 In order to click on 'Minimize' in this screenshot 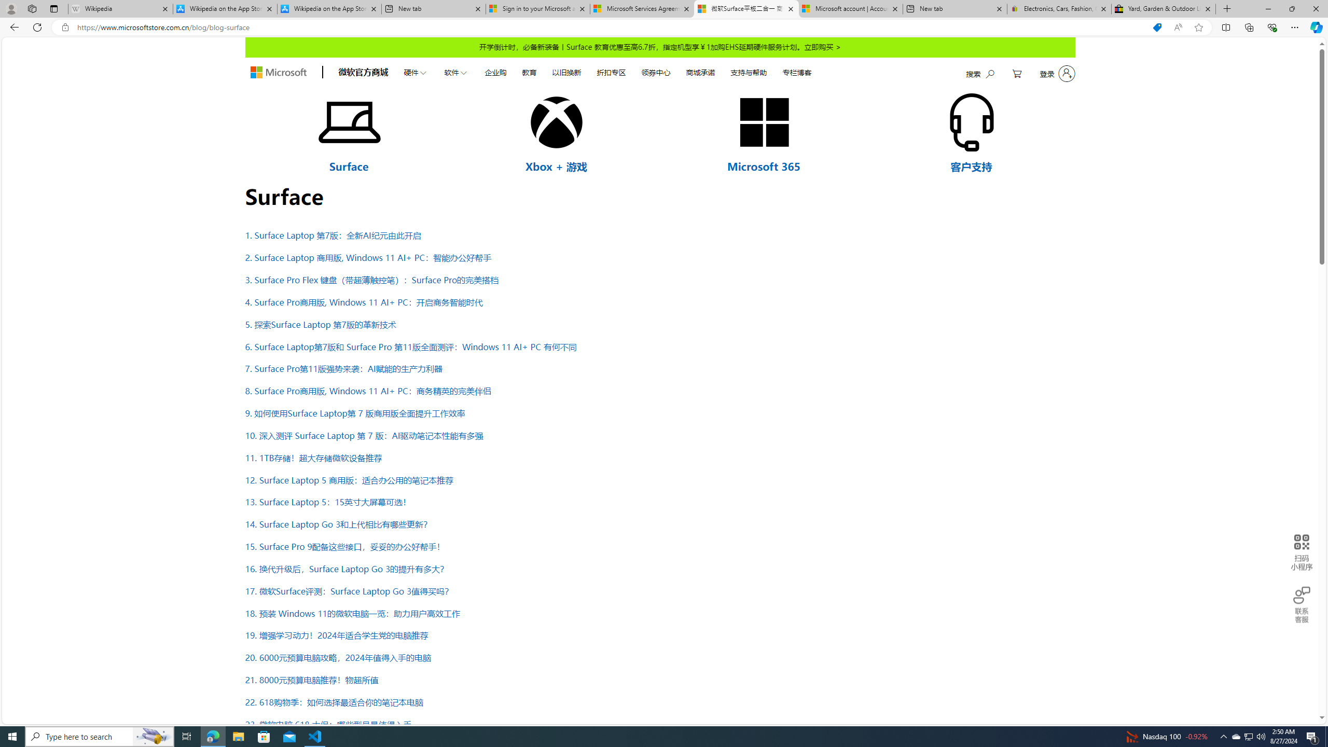, I will do `click(1267, 8)`.